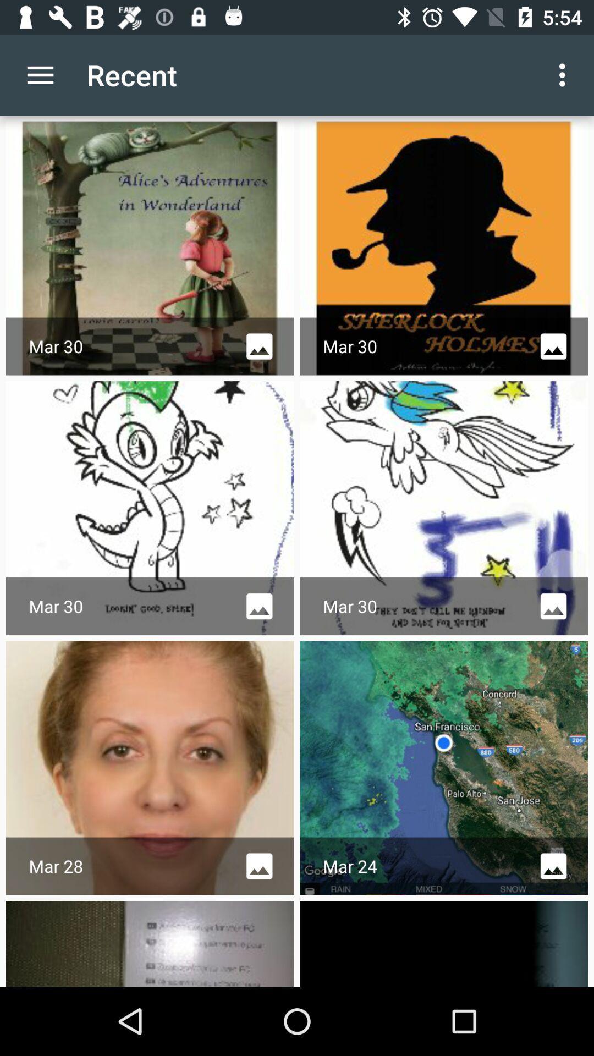  What do you see at coordinates (553, 346) in the screenshot?
I see `image symbol below second image from first row` at bounding box center [553, 346].